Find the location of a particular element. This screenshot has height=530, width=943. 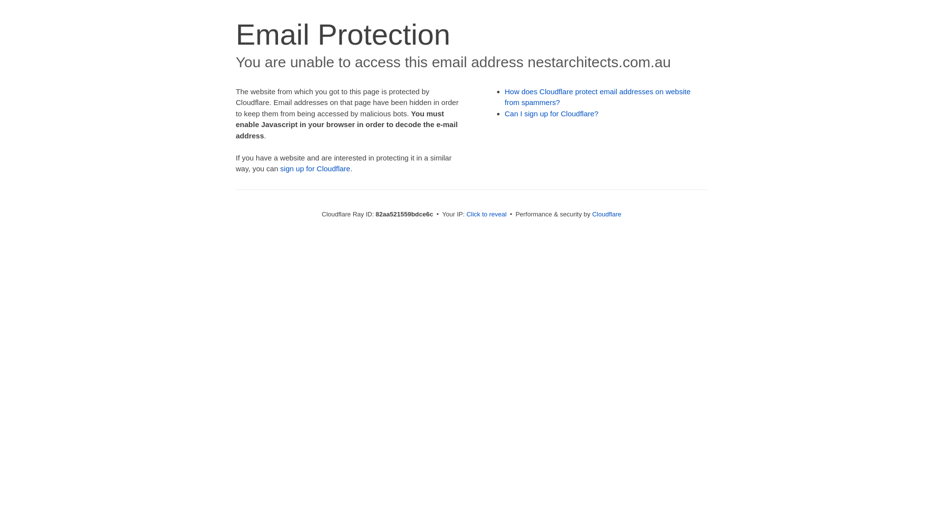

'Cloudflare' is located at coordinates (606, 213).